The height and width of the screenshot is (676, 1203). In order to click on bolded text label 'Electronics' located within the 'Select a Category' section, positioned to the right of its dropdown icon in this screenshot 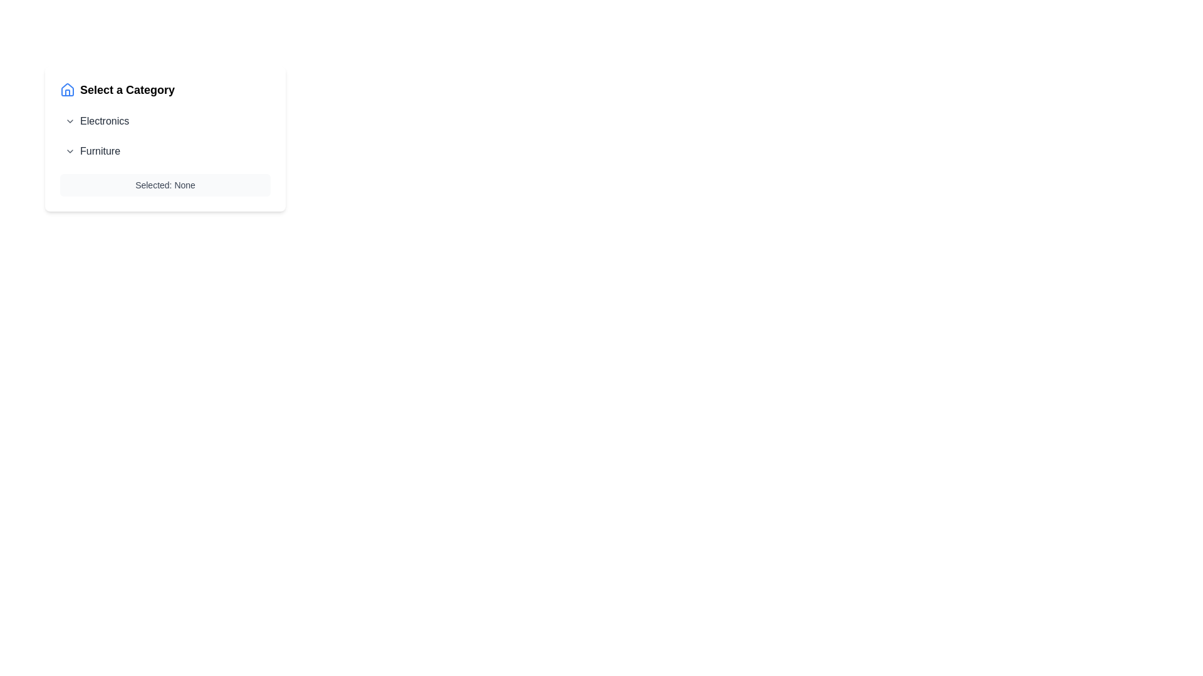, I will do `click(105, 121)`.